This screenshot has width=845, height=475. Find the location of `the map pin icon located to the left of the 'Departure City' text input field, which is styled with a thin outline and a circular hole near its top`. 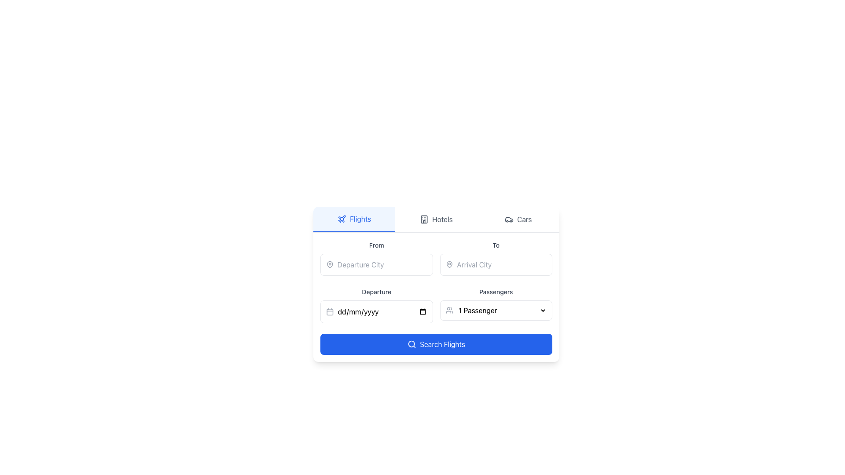

the map pin icon located to the left of the 'Departure City' text input field, which is styled with a thin outline and a circular hole near its top is located at coordinates (329, 264).